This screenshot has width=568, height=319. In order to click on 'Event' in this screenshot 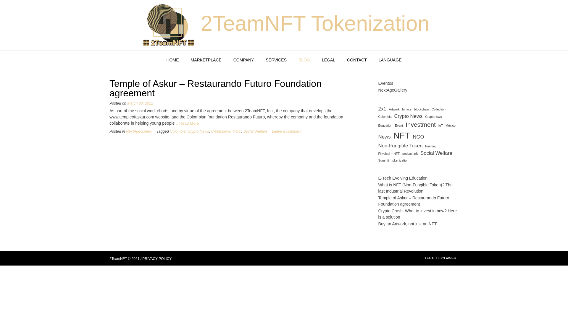, I will do `click(399, 125)`.